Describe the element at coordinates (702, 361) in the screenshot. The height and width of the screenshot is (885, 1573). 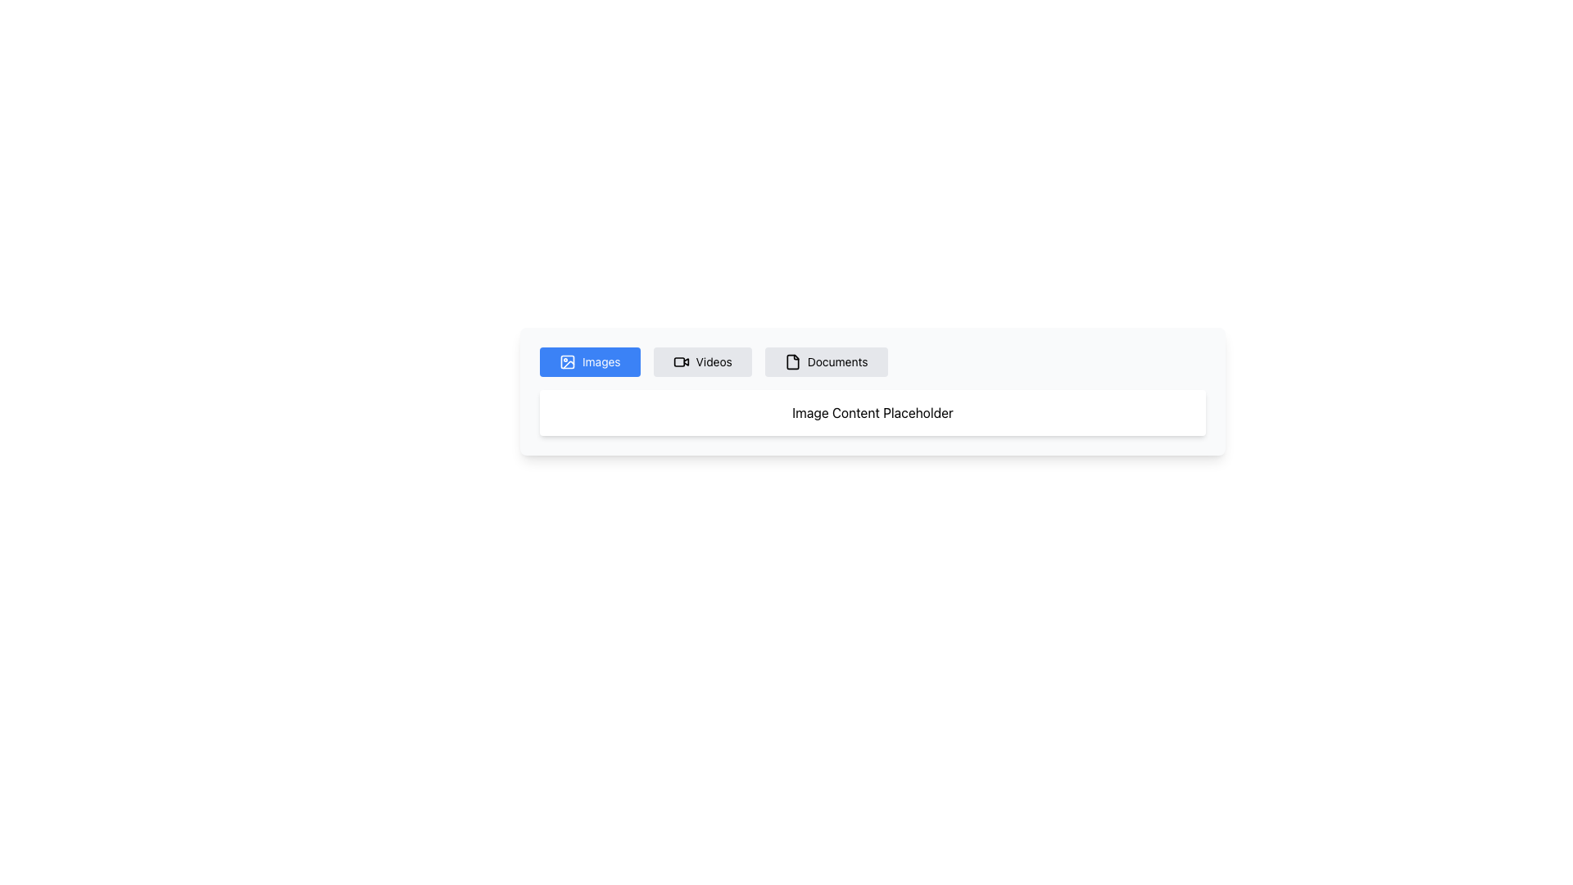
I see `the 'Videos' button, which is the second button in a horizontal alignment of three buttons, styled with a light gray background and a black text label, to trigger a visual effect` at that location.